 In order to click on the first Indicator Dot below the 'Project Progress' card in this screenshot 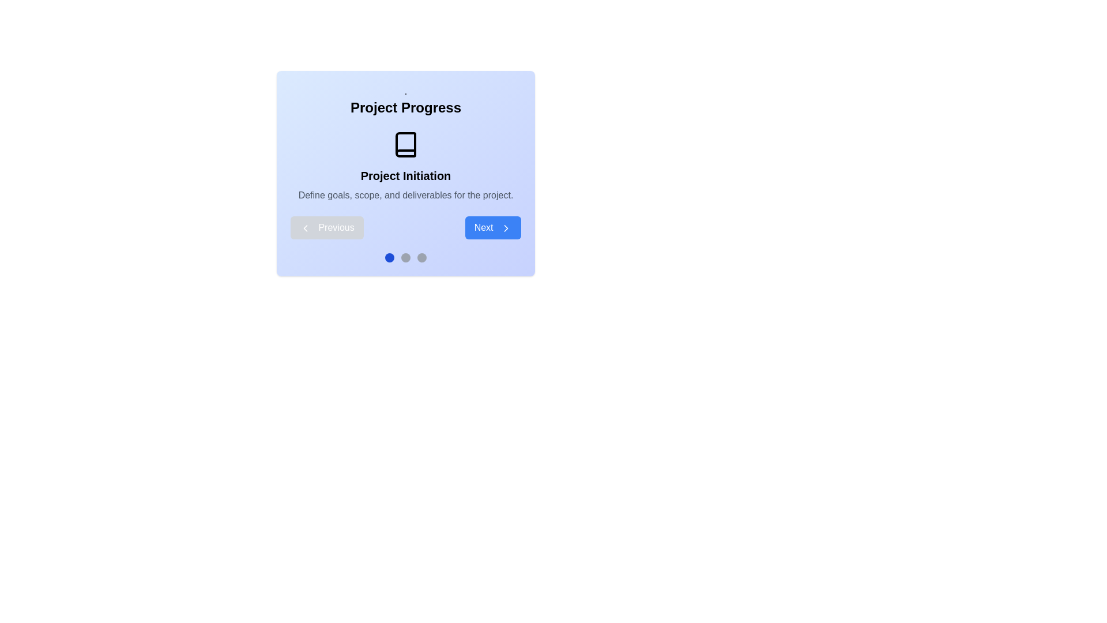, I will do `click(390, 257)`.